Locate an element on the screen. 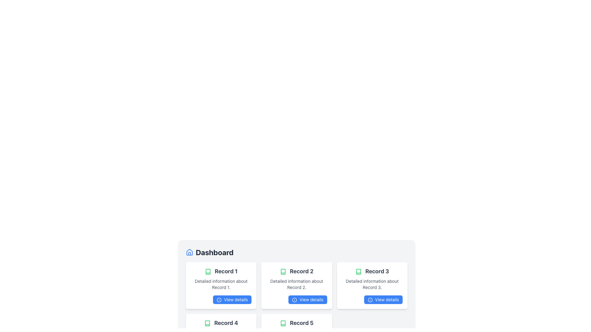  the text label containing the phrase 'Detailed information about Record 3.' which is positioned below the title 'Record 3' and above the 'View details' button is located at coordinates (372, 284).